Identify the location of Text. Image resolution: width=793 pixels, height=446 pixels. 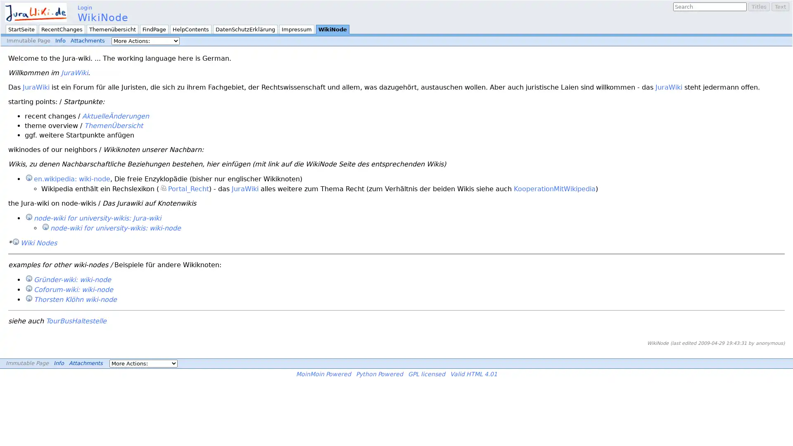
(780, 7).